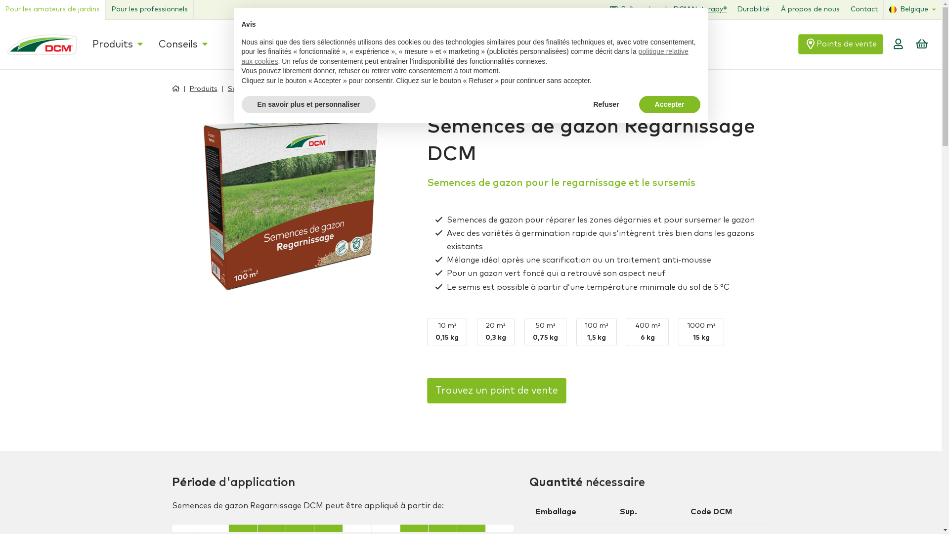 The width and height of the screenshot is (949, 534). What do you see at coordinates (195, 88) in the screenshot?
I see `'Produits'` at bounding box center [195, 88].